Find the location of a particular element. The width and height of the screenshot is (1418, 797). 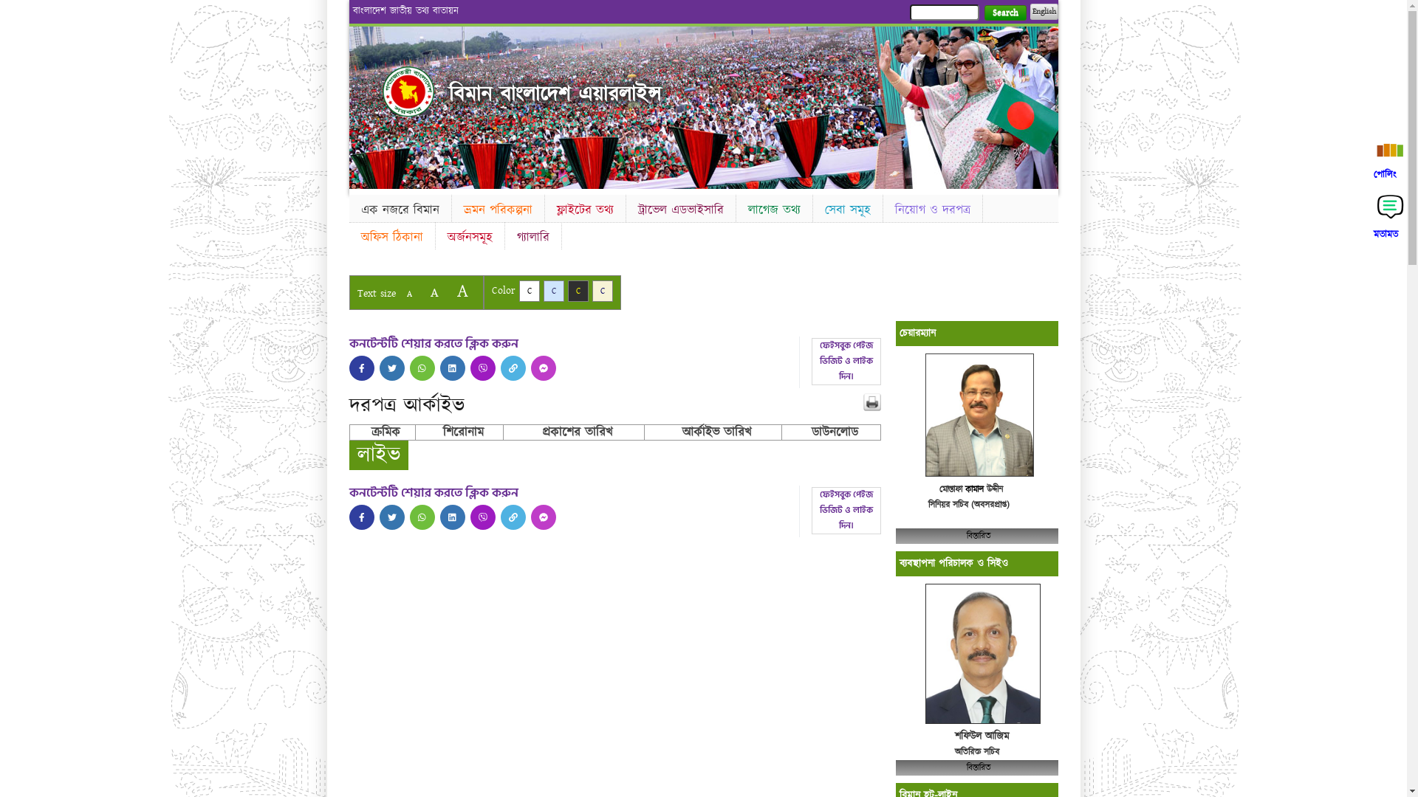

'Search' is located at coordinates (1004, 13).